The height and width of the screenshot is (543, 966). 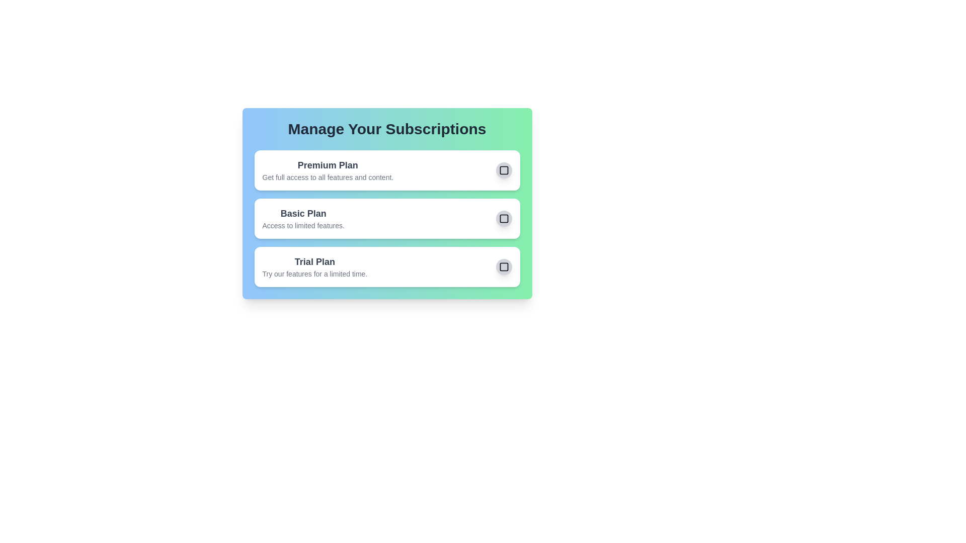 What do you see at coordinates (504, 266) in the screenshot?
I see `the gray checkbox icon located to the right of the 'Trial Plan' subscription option` at bounding box center [504, 266].